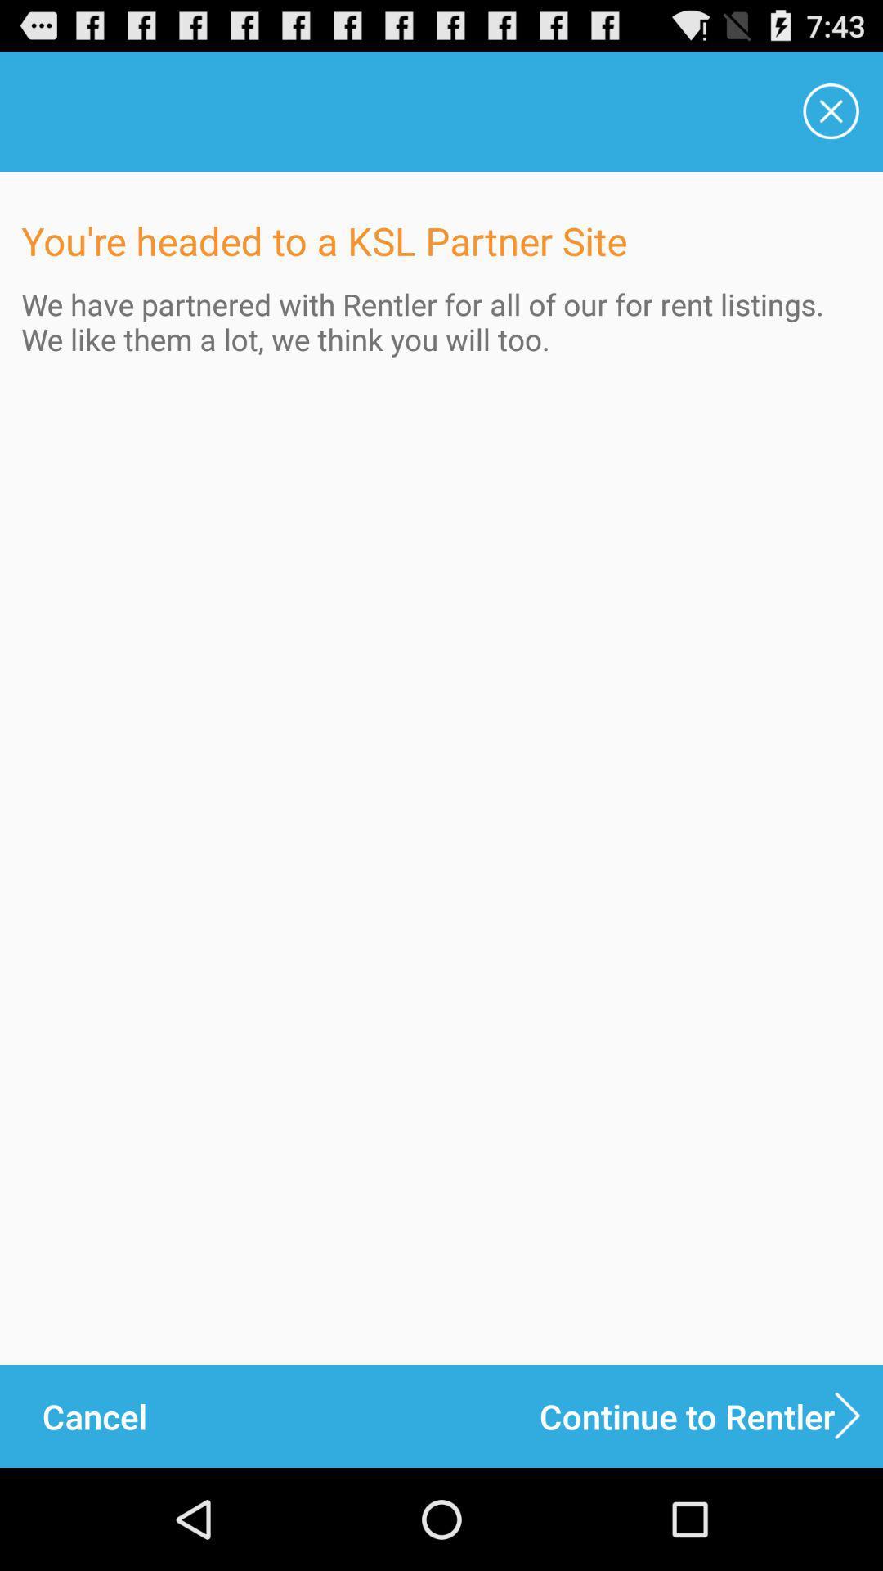 The height and width of the screenshot is (1571, 883). I want to click on the item above we have partnered, so click(831, 110).